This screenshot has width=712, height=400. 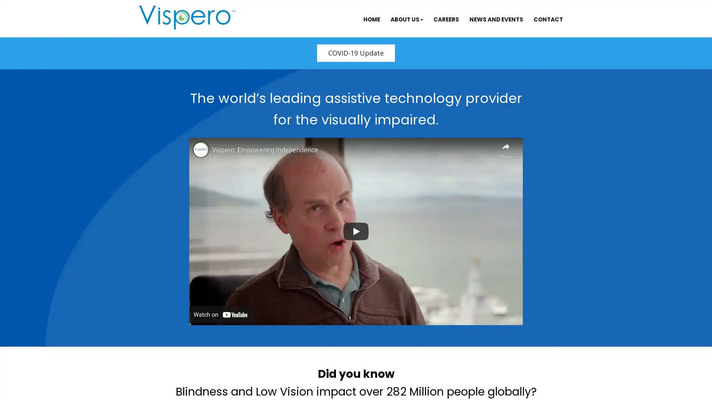 What do you see at coordinates (356, 53) in the screenshot?
I see `COVID-19 Update` at bounding box center [356, 53].